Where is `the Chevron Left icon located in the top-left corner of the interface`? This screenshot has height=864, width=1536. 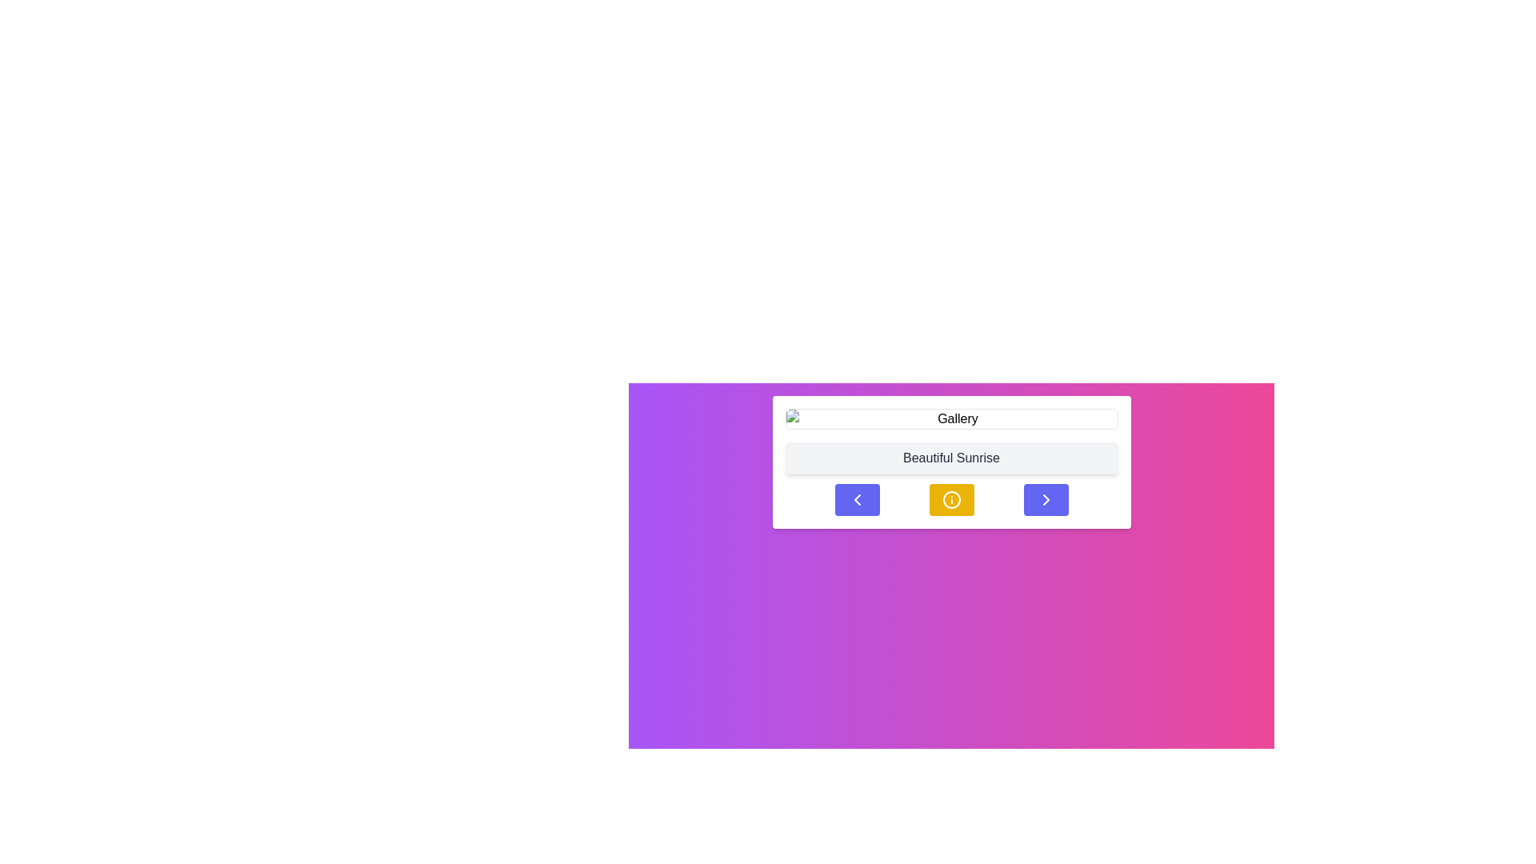
the Chevron Left icon located in the top-left corner of the interface is located at coordinates (856, 498).